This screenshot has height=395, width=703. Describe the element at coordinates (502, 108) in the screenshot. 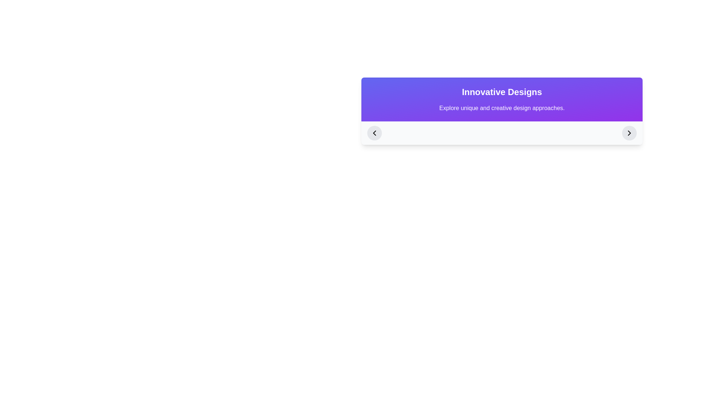

I see `static text displaying 'Explore unique and creative design approaches.' which is styled in white font on a gradient background and located below the 'Innovative Designs' heading` at that location.